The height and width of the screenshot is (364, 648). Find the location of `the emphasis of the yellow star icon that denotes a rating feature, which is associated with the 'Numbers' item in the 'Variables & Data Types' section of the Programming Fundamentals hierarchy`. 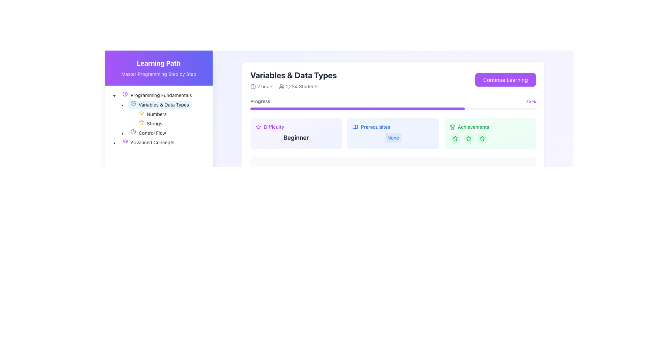

the emphasis of the yellow star icon that denotes a rating feature, which is associated with the 'Numbers' item in the 'Variables & Data Types' section of the Programming Fundamentals hierarchy is located at coordinates (141, 122).